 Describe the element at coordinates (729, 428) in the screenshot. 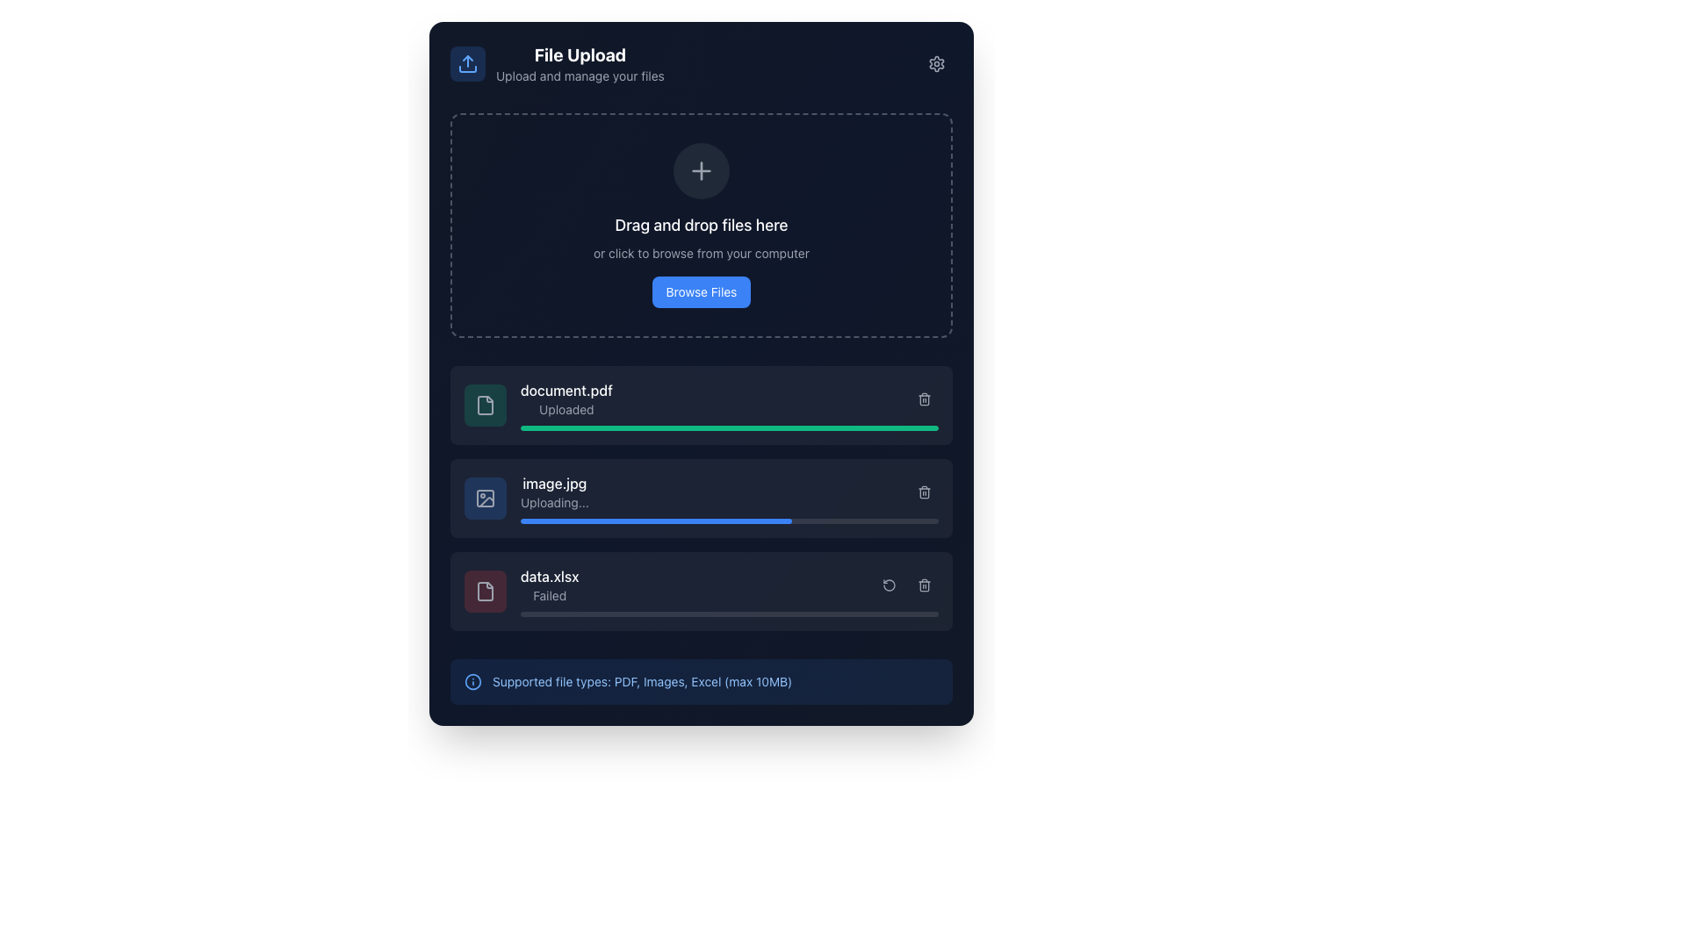

I see `the horizontal progress bar with rounded corners, which is filled to 100% and located below the filename 'document.pdf'` at that location.